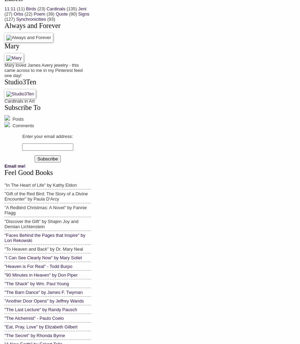 The image size is (300, 344). What do you see at coordinates (31, 8) in the screenshot?
I see `'Birds'` at bounding box center [31, 8].